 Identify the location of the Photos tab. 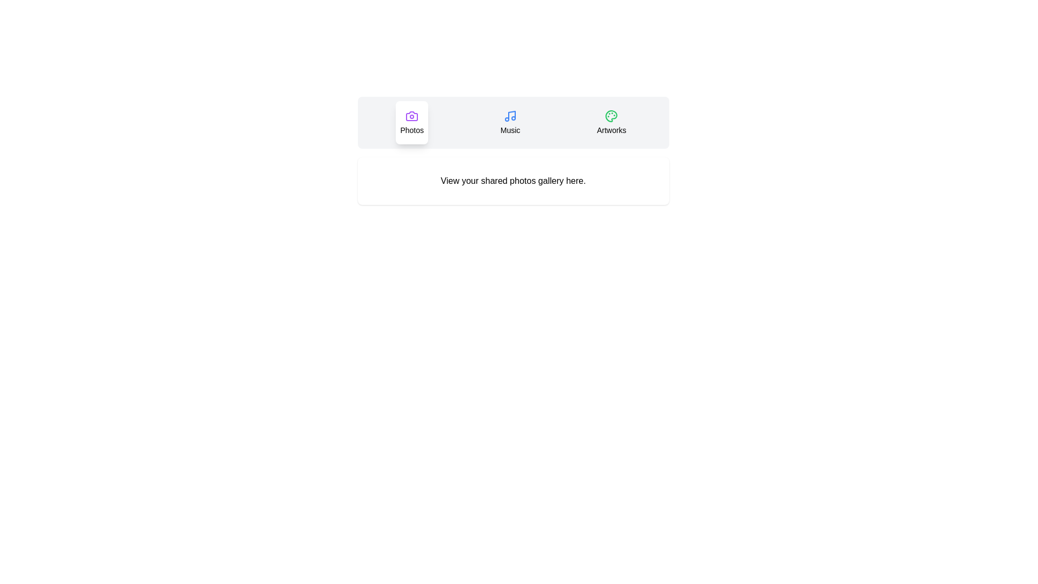
(411, 122).